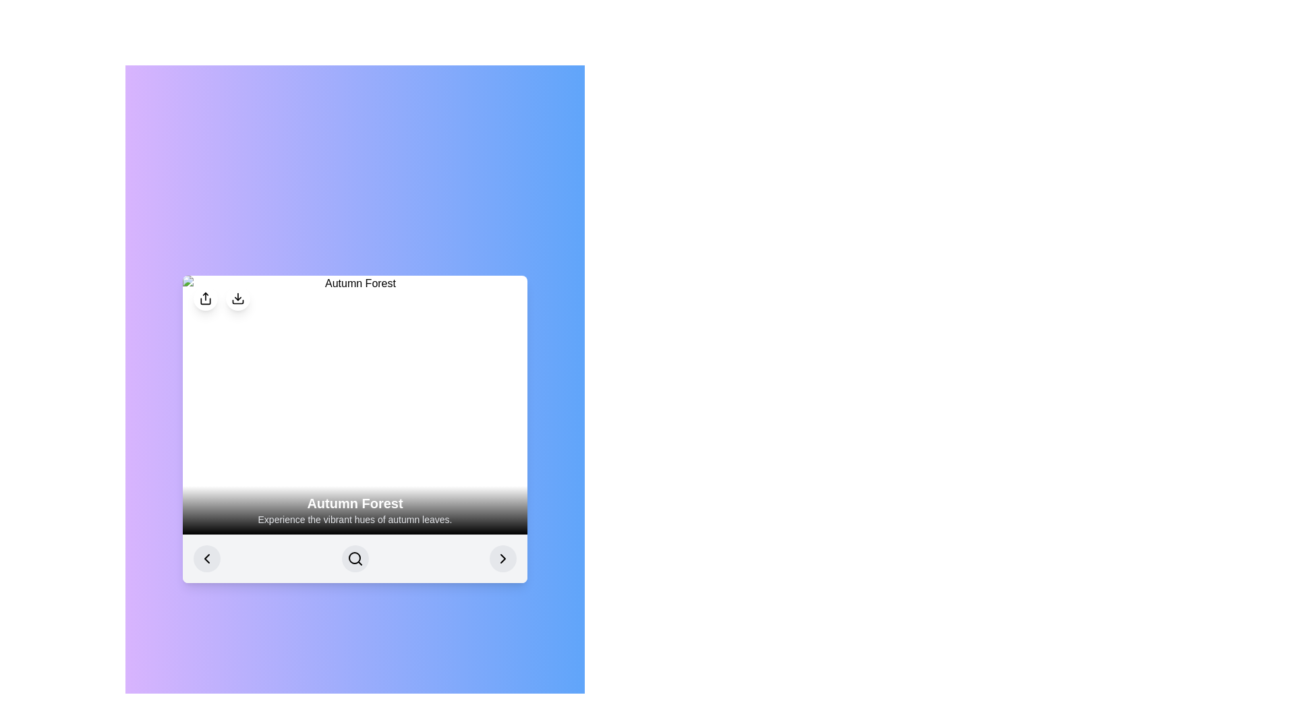  What do you see at coordinates (355, 504) in the screenshot?
I see `text content of the prominent title labeled 'Autumn Forest', which is styled in bold white text on a gradient background` at bounding box center [355, 504].